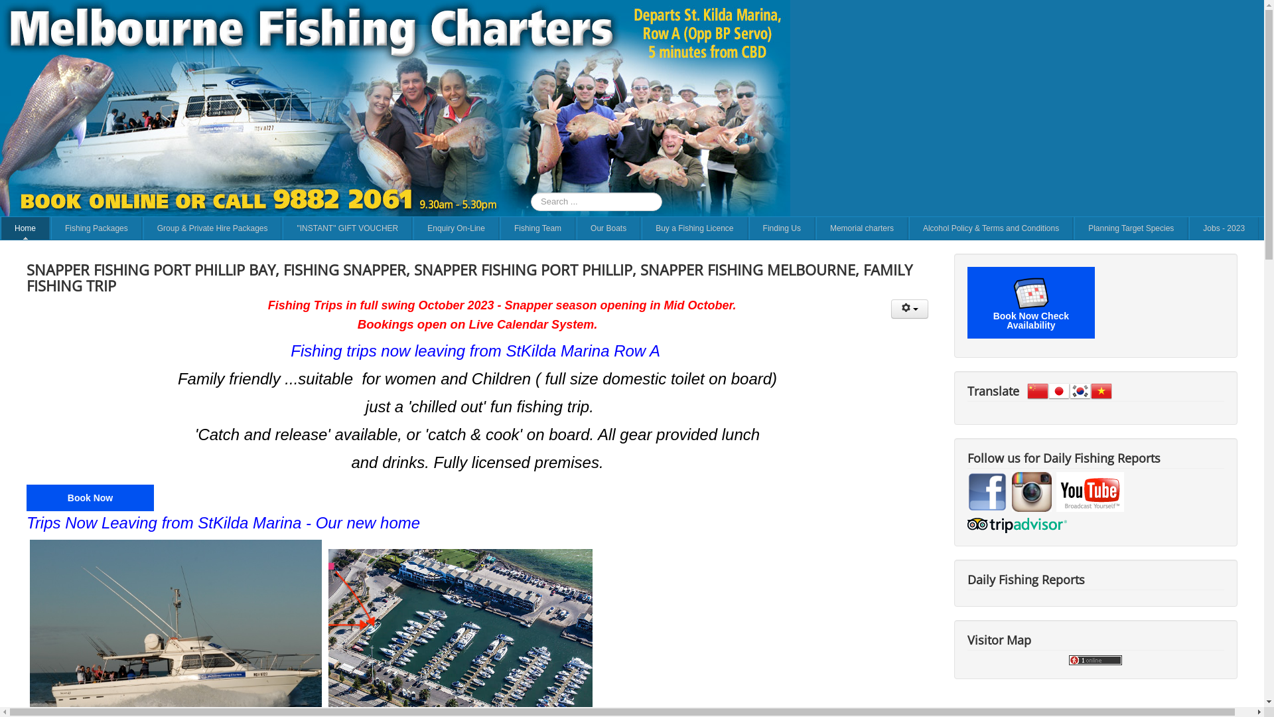  Describe the element at coordinates (1188, 227) in the screenshot. I see `'Jobs - 2023'` at that location.